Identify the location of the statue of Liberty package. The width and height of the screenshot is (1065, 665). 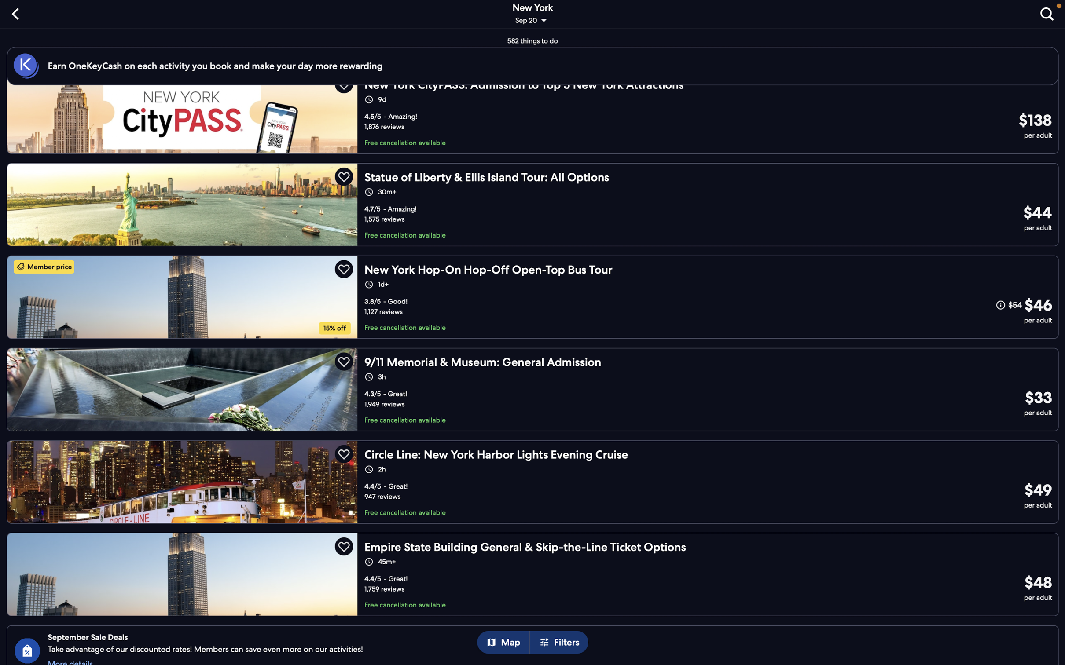
(533, 203).